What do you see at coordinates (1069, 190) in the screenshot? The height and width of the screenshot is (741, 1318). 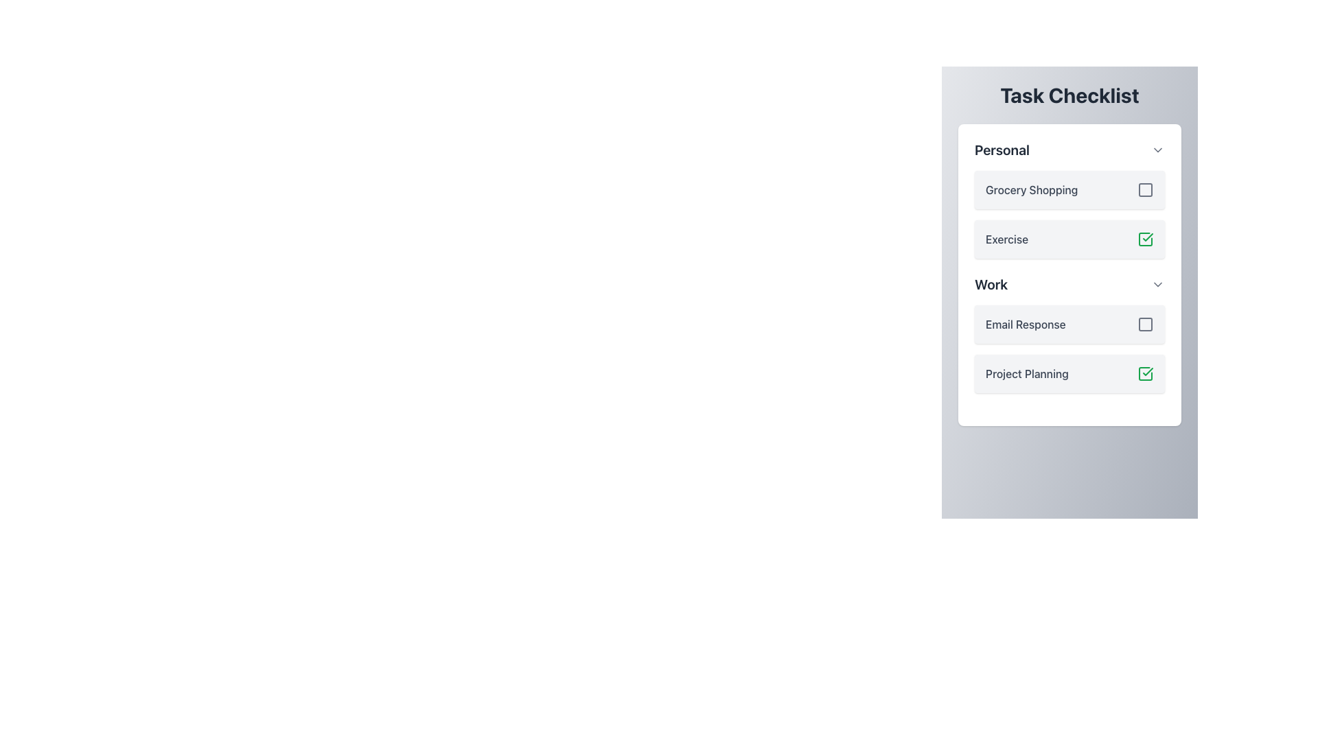 I see `the 'Grocery Shopping' checklist item text` at bounding box center [1069, 190].